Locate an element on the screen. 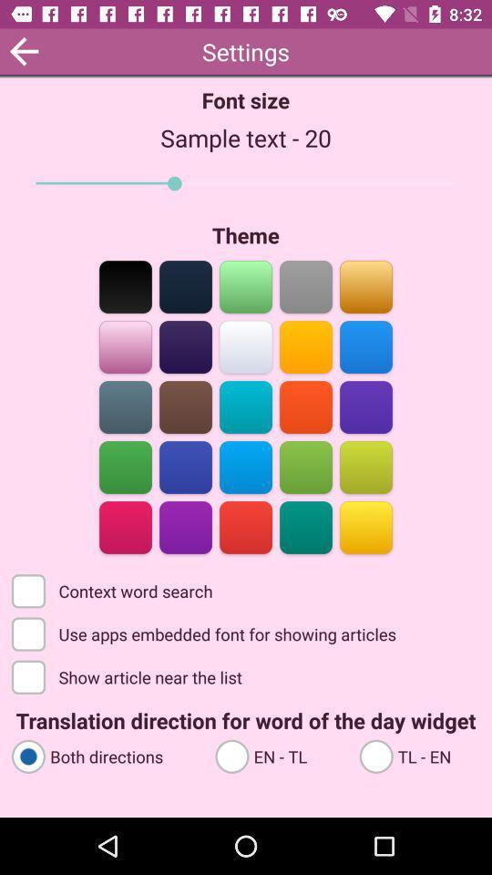 The height and width of the screenshot is (875, 492). pick green is located at coordinates (305, 465).